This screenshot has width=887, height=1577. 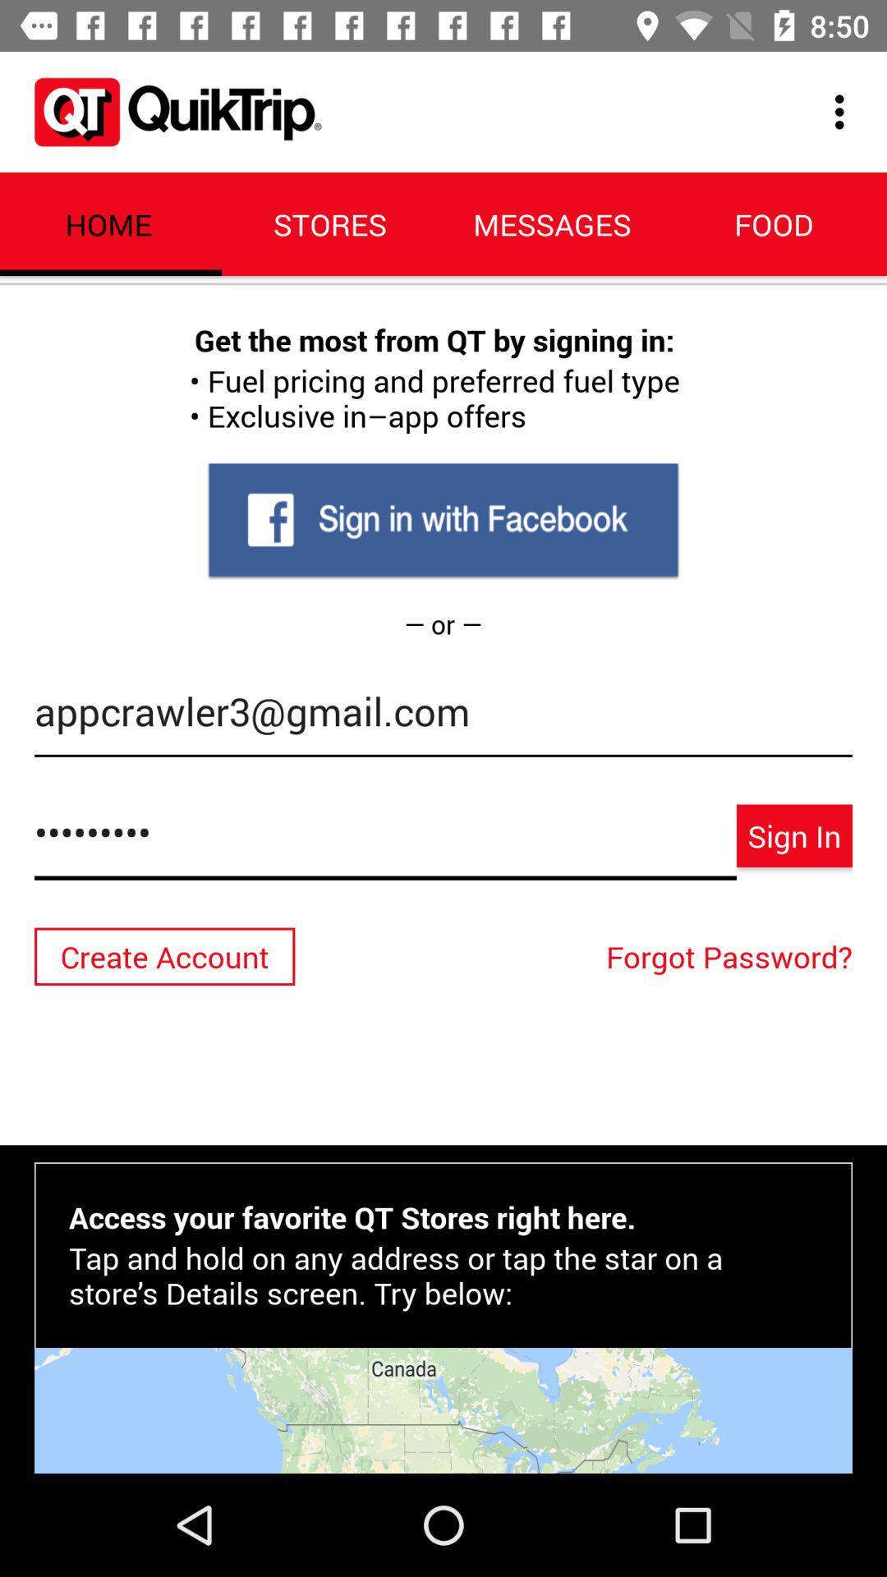 I want to click on icon below tap and hold item, so click(x=443, y=1409).